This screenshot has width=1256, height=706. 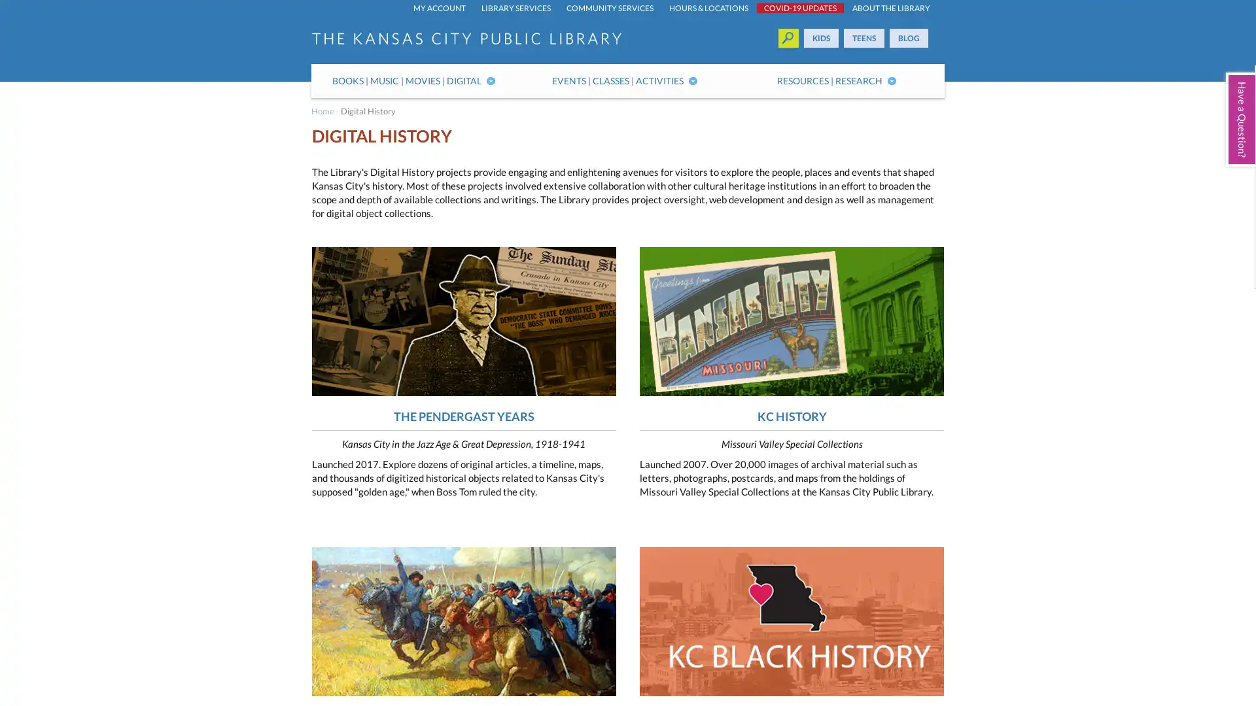 What do you see at coordinates (1240, 119) in the screenshot?
I see `Have a Question?` at bounding box center [1240, 119].